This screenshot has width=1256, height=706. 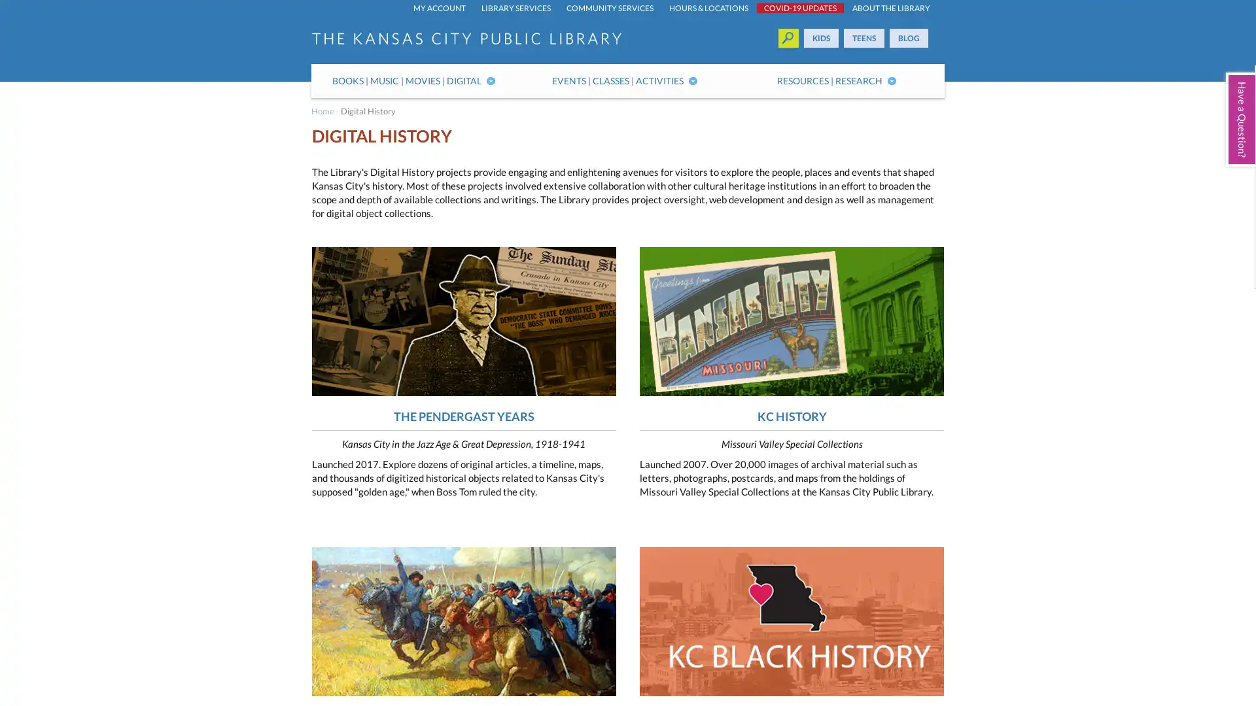 What do you see at coordinates (1240, 119) in the screenshot?
I see `Have a Question?` at bounding box center [1240, 119].